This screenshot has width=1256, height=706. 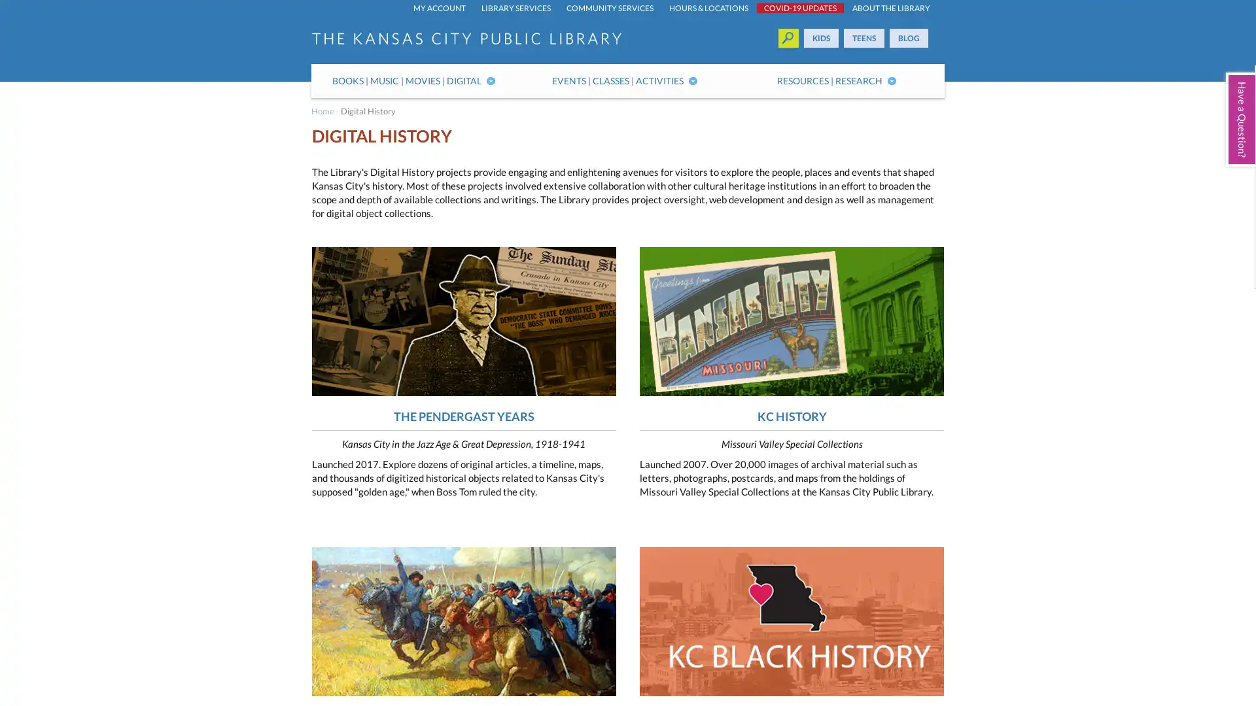 What do you see at coordinates (1240, 119) in the screenshot?
I see `Have a Question?` at bounding box center [1240, 119].